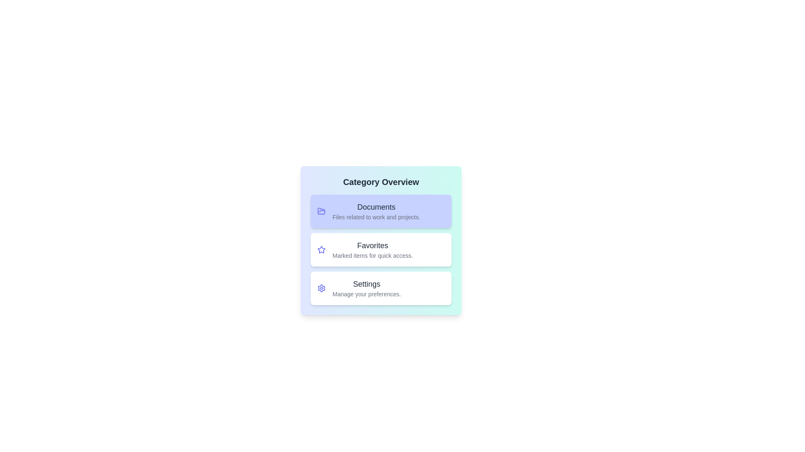 Image resolution: width=805 pixels, height=452 pixels. I want to click on the category Favorites to observe the hover effect, so click(380, 249).